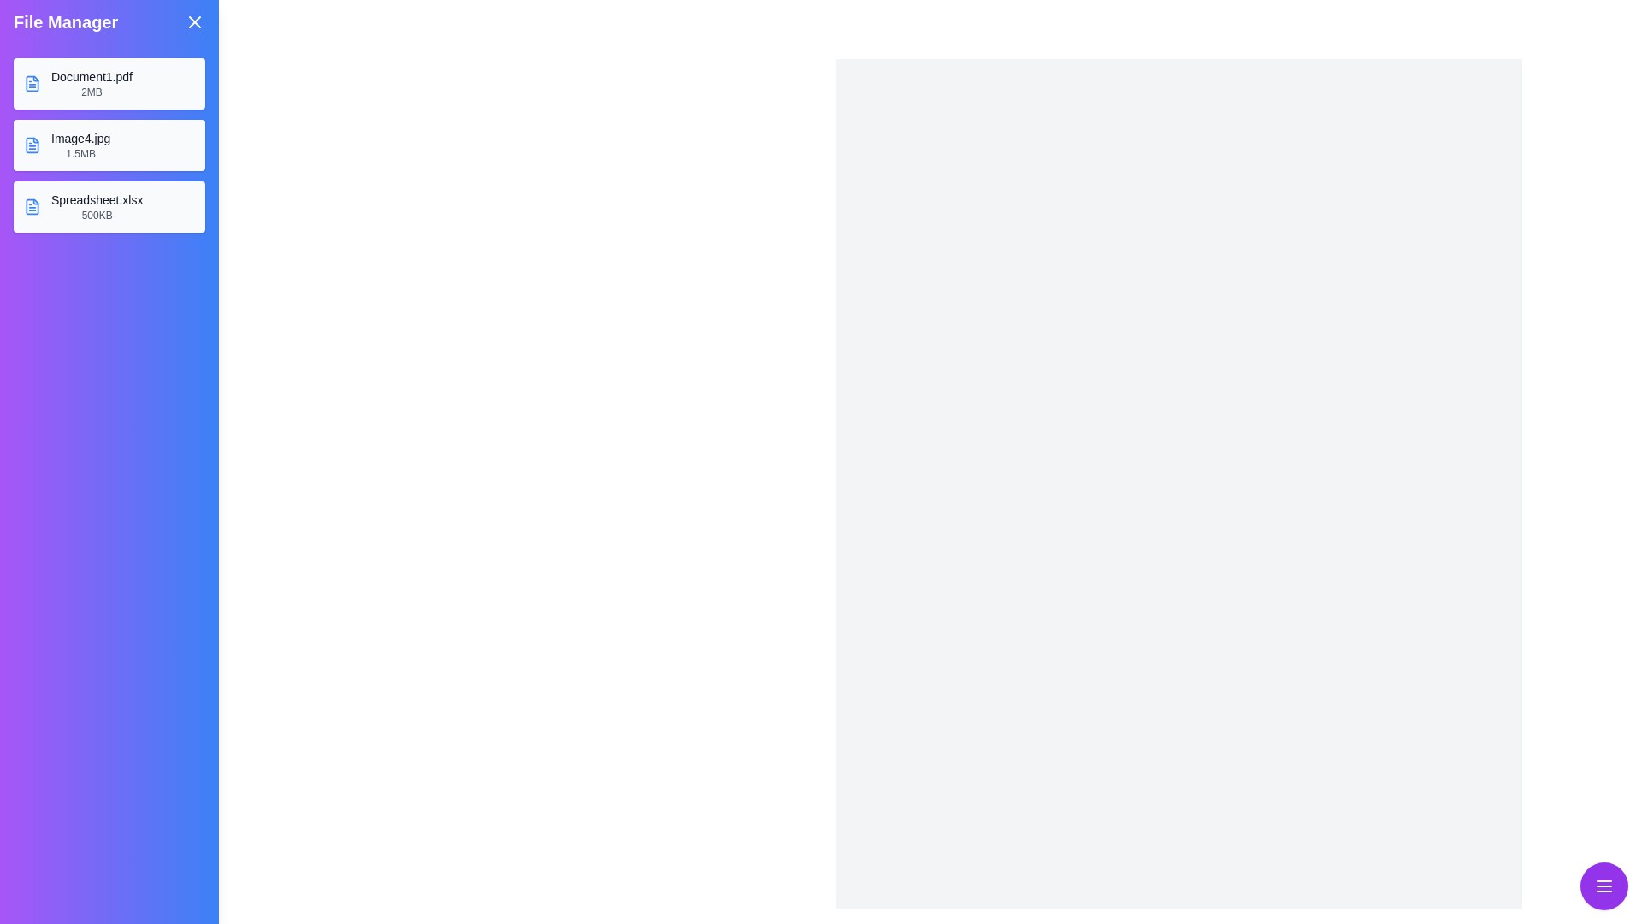 This screenshot has width=1642, height=924. I want to click on the SVG graphic icon representing the file entry titled 'Image4.jpg 1.5MB', which is positioned to the left of the text content, so click(32, 144).